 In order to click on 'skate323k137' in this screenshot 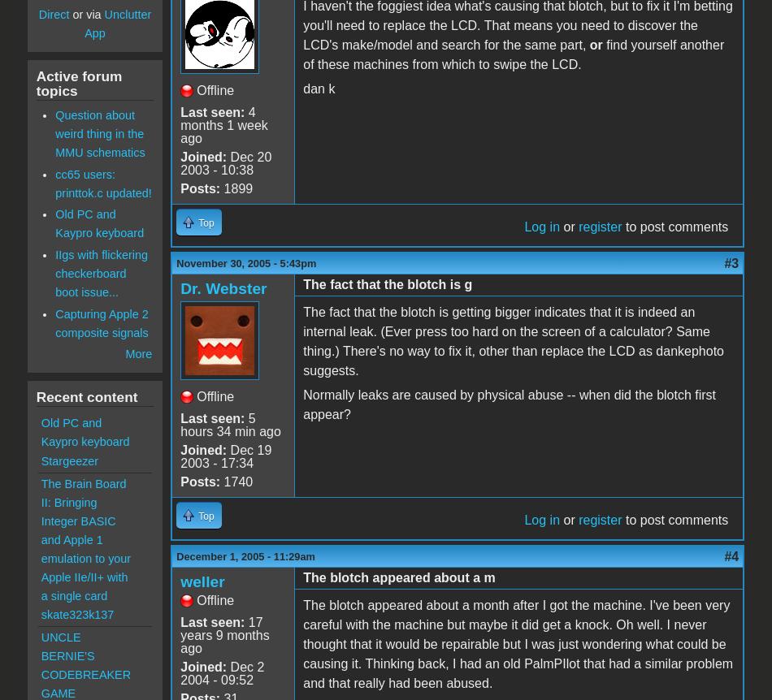, I will do `click(77, 613)`.